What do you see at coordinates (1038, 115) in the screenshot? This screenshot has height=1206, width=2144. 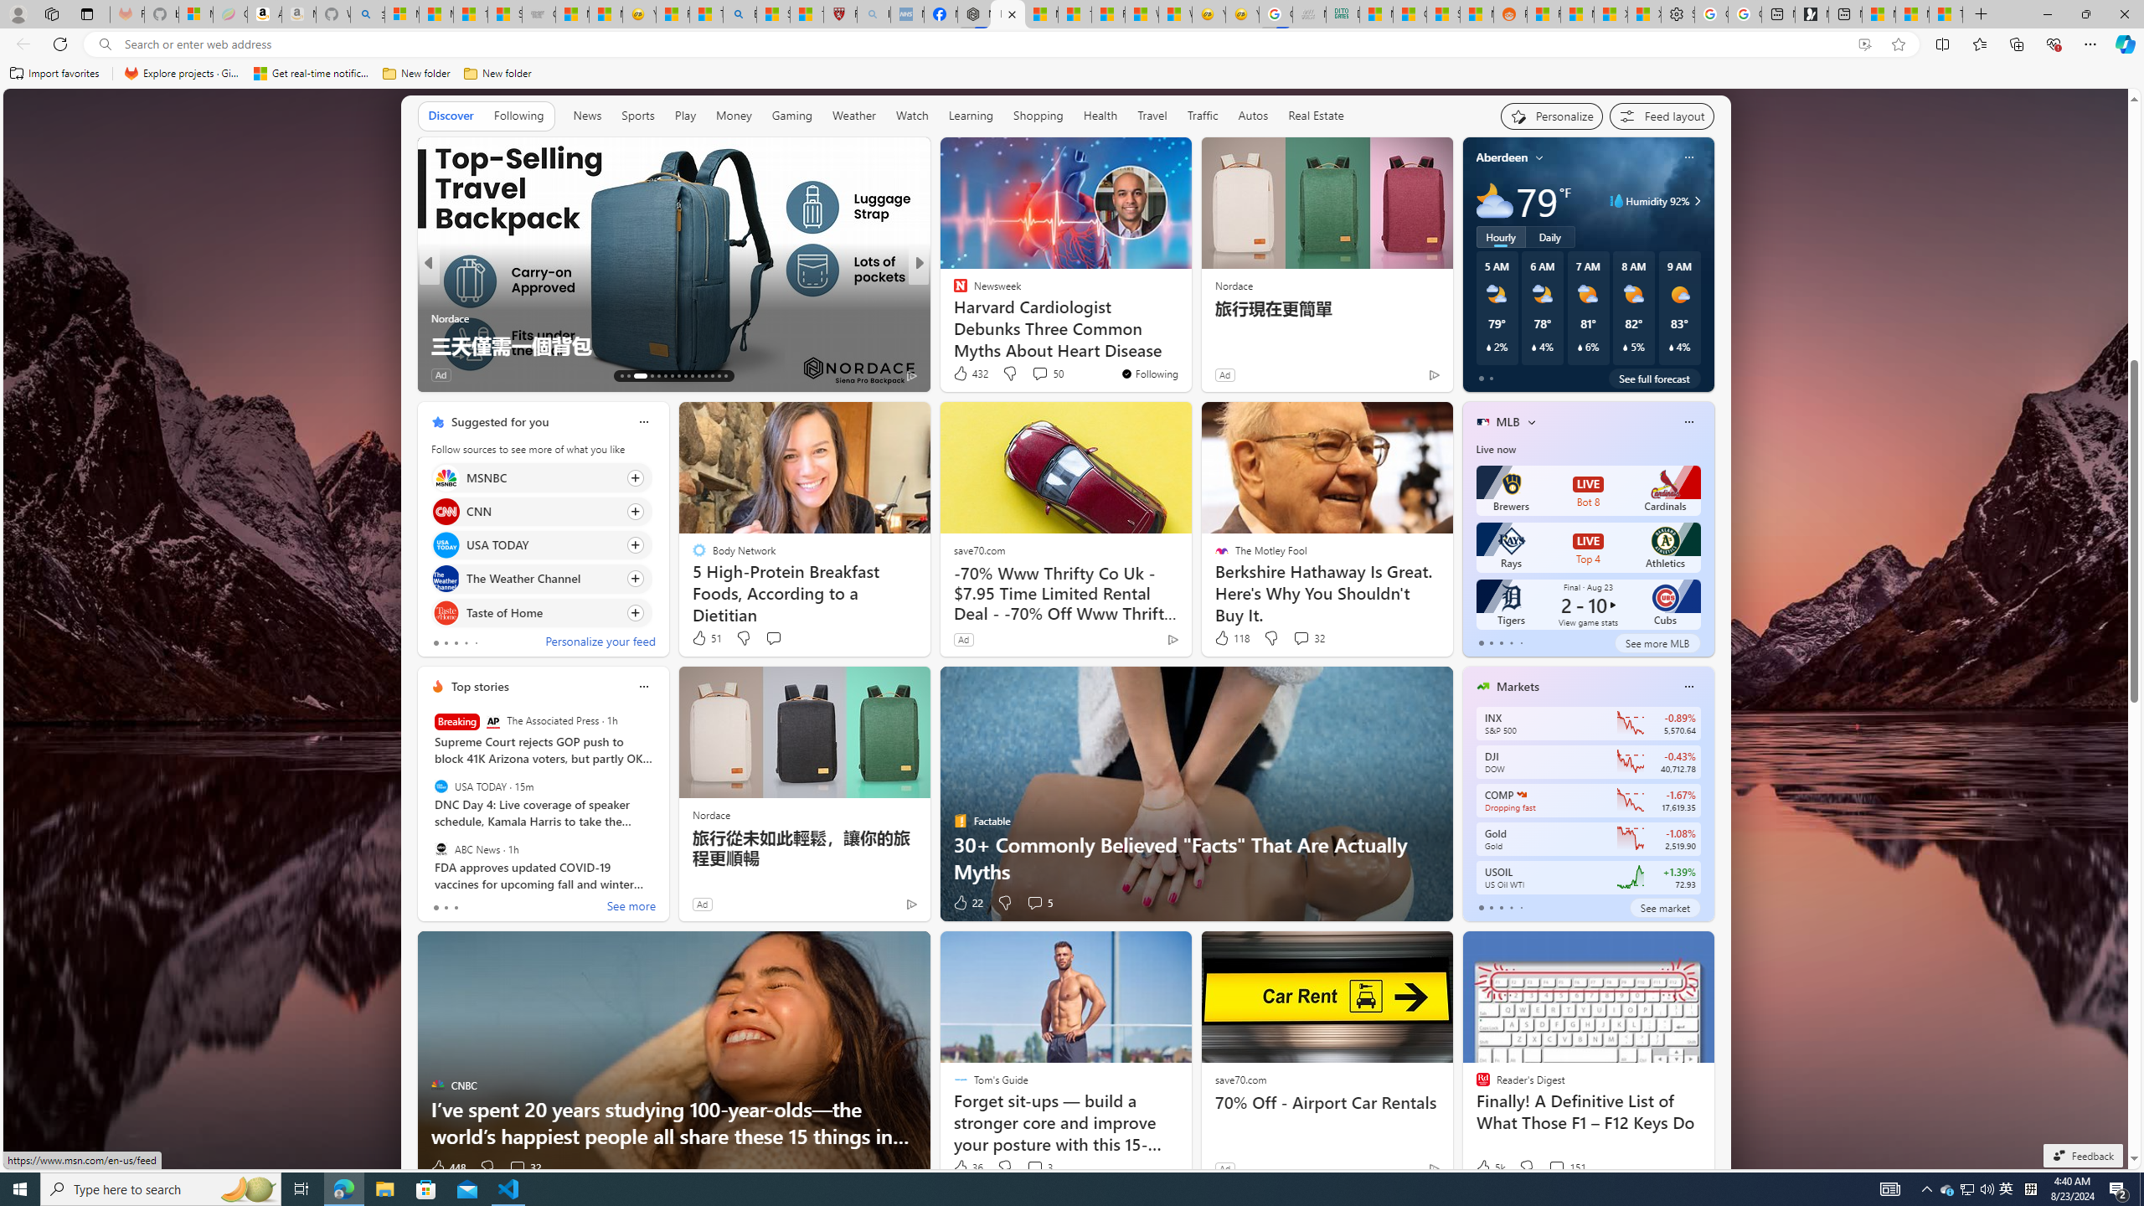 I see `'Shopping'` at bounding box center [1038, 115].